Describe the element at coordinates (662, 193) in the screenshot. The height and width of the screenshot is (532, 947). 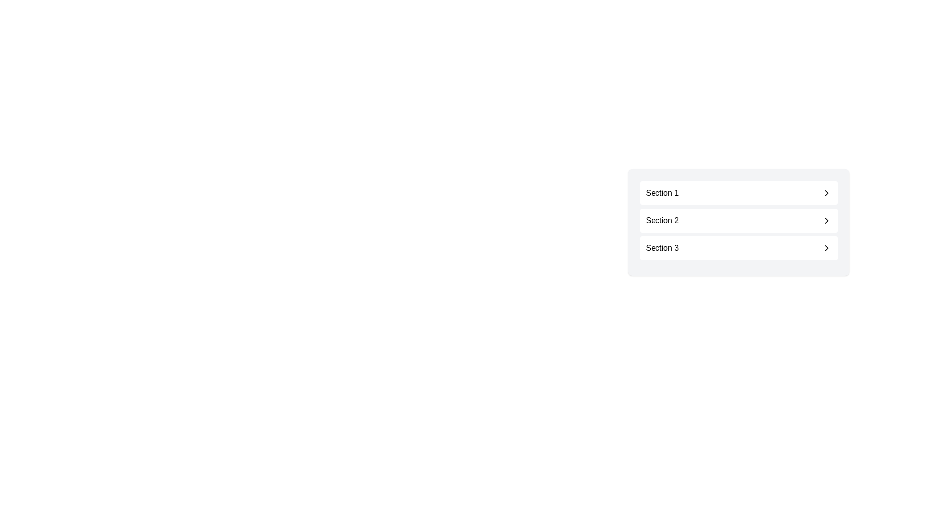
I see `the text label displaying 'Section 1'` at that location.